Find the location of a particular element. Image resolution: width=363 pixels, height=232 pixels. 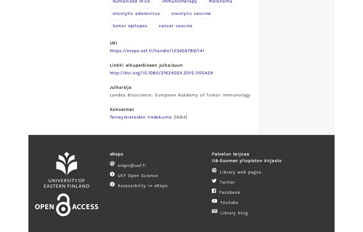

'Itä-Suomen yliopiston kirjasto' is located at coordinates (246, 160).